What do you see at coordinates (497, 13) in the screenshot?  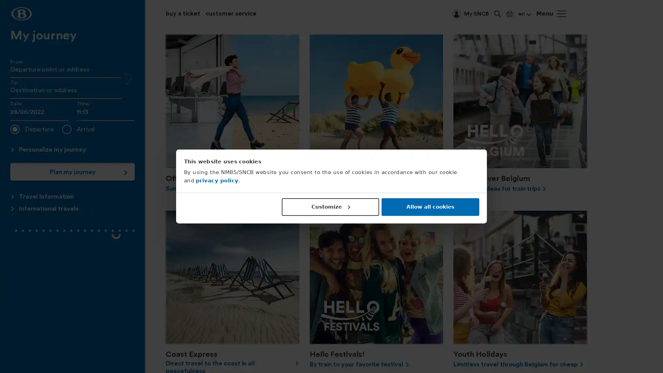 I see `Keyword` at bounding box center [497, 13].